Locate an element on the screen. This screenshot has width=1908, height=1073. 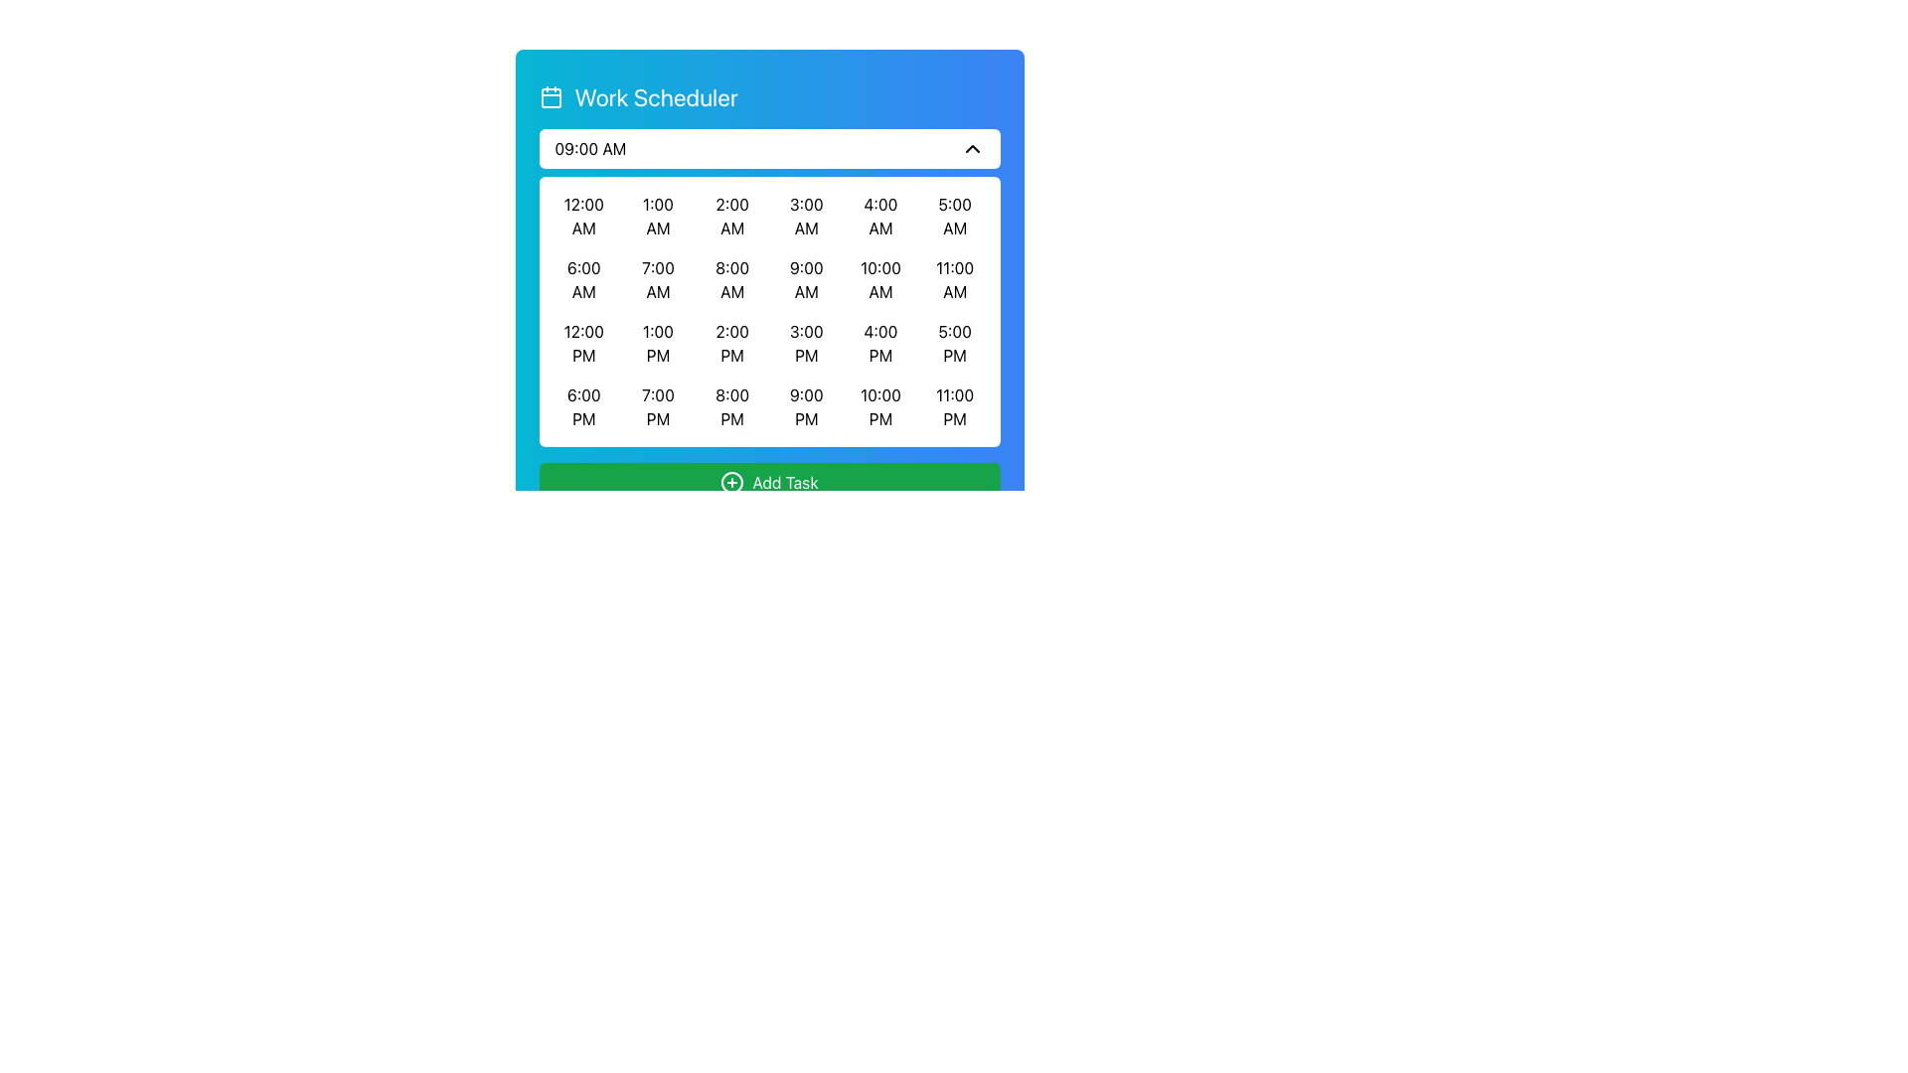
the '2:00 PM' selectable time slot in the third column of the third row of the Work Scheduler interface is located at coordinates (731, 343).